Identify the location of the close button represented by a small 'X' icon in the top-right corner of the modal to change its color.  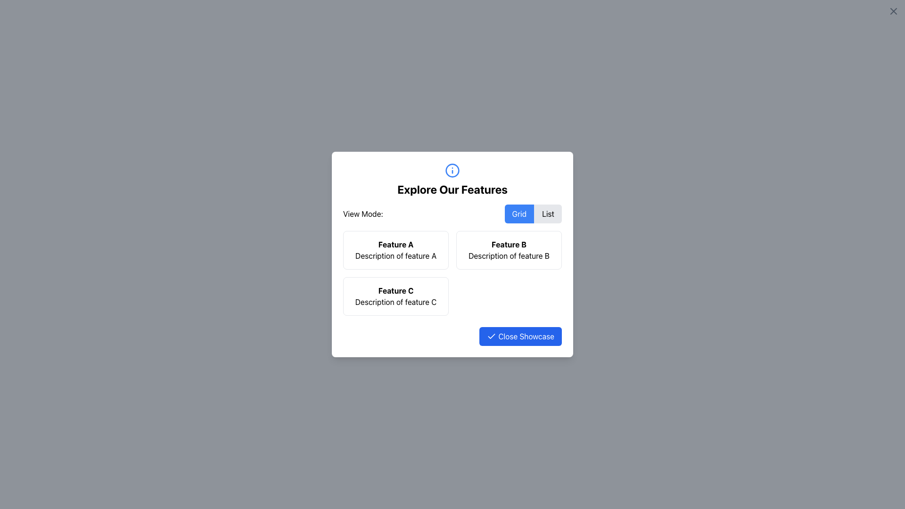
(893, 11).